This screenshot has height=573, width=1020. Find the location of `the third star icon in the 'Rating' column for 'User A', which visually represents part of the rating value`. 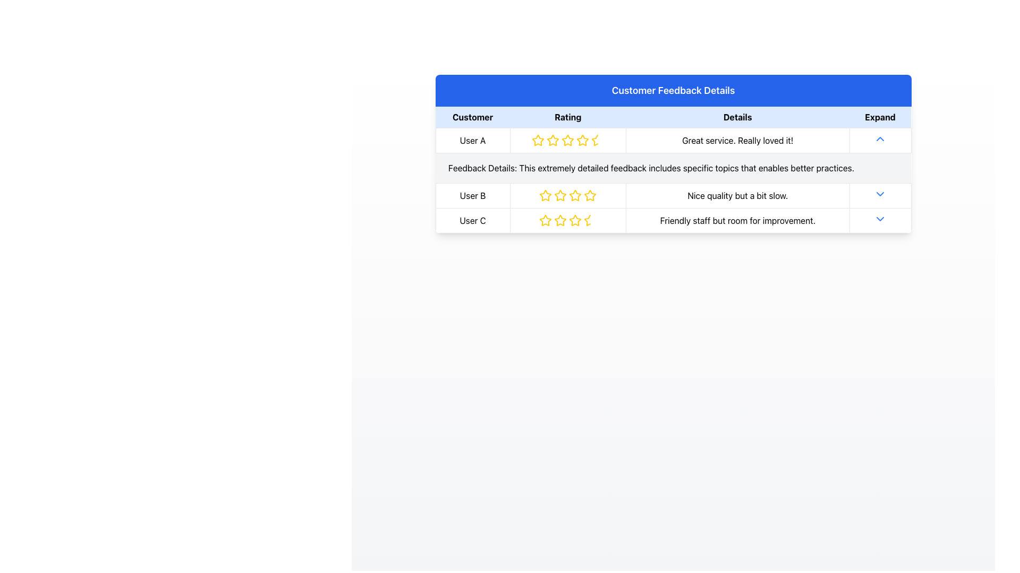

the third star icon in the 'Rating' column for 'User A', which visually represents part of the rating value is located at coordinates (567, 140).